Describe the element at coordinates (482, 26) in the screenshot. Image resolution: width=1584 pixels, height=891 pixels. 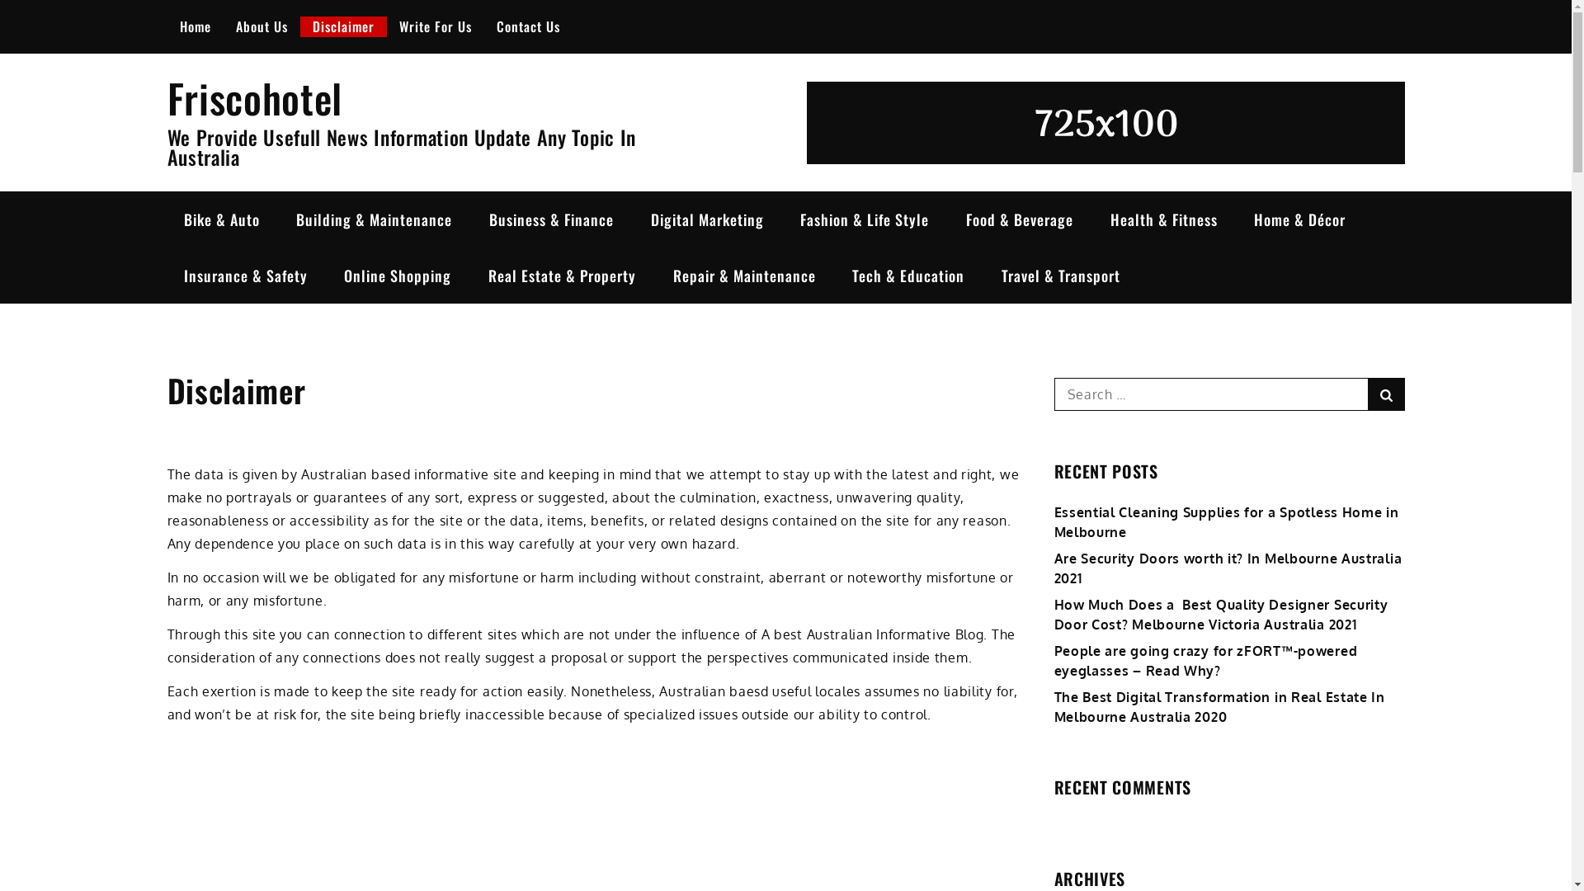
I see `'Contact Us'` at that location.